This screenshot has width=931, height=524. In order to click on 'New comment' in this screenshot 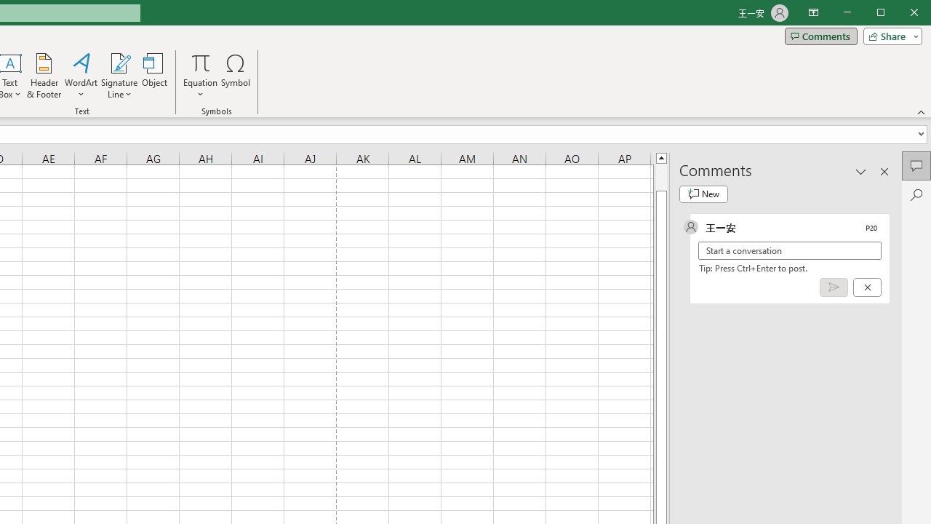, I will do `click(703, 194)`.